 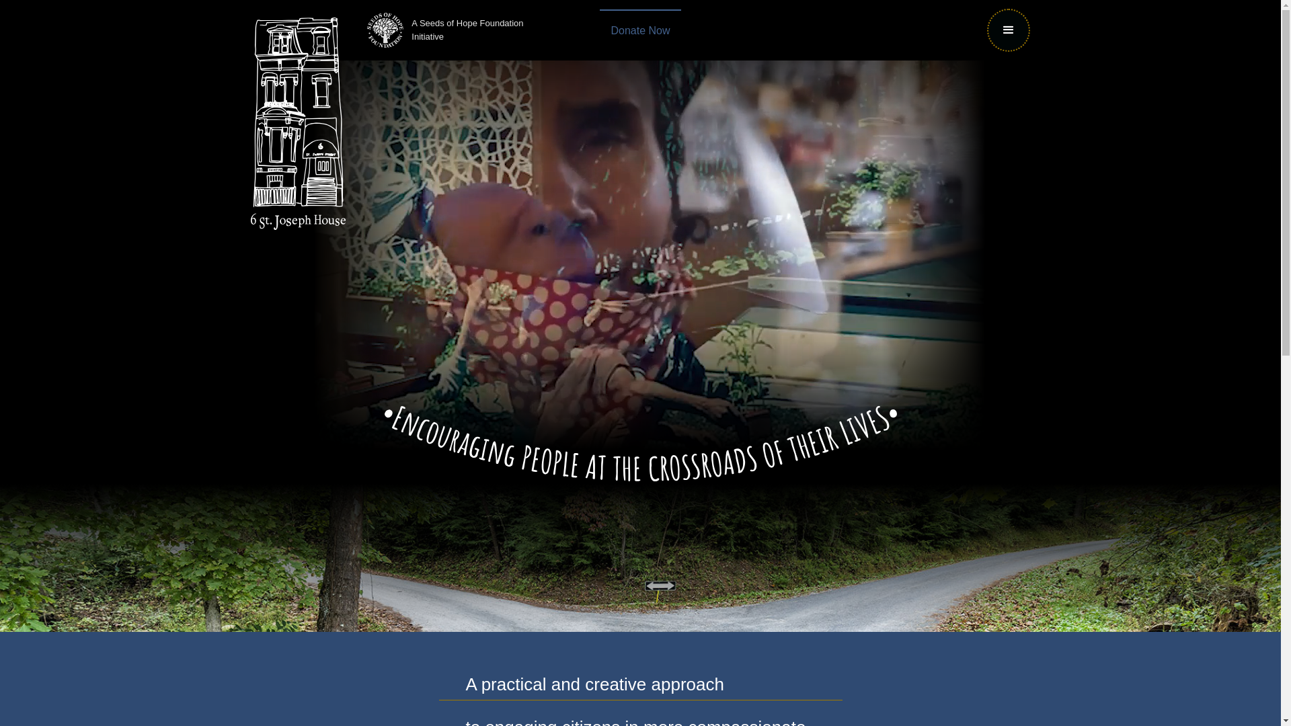 I want to click on 'Donate Now', so click(x=639, y=30).